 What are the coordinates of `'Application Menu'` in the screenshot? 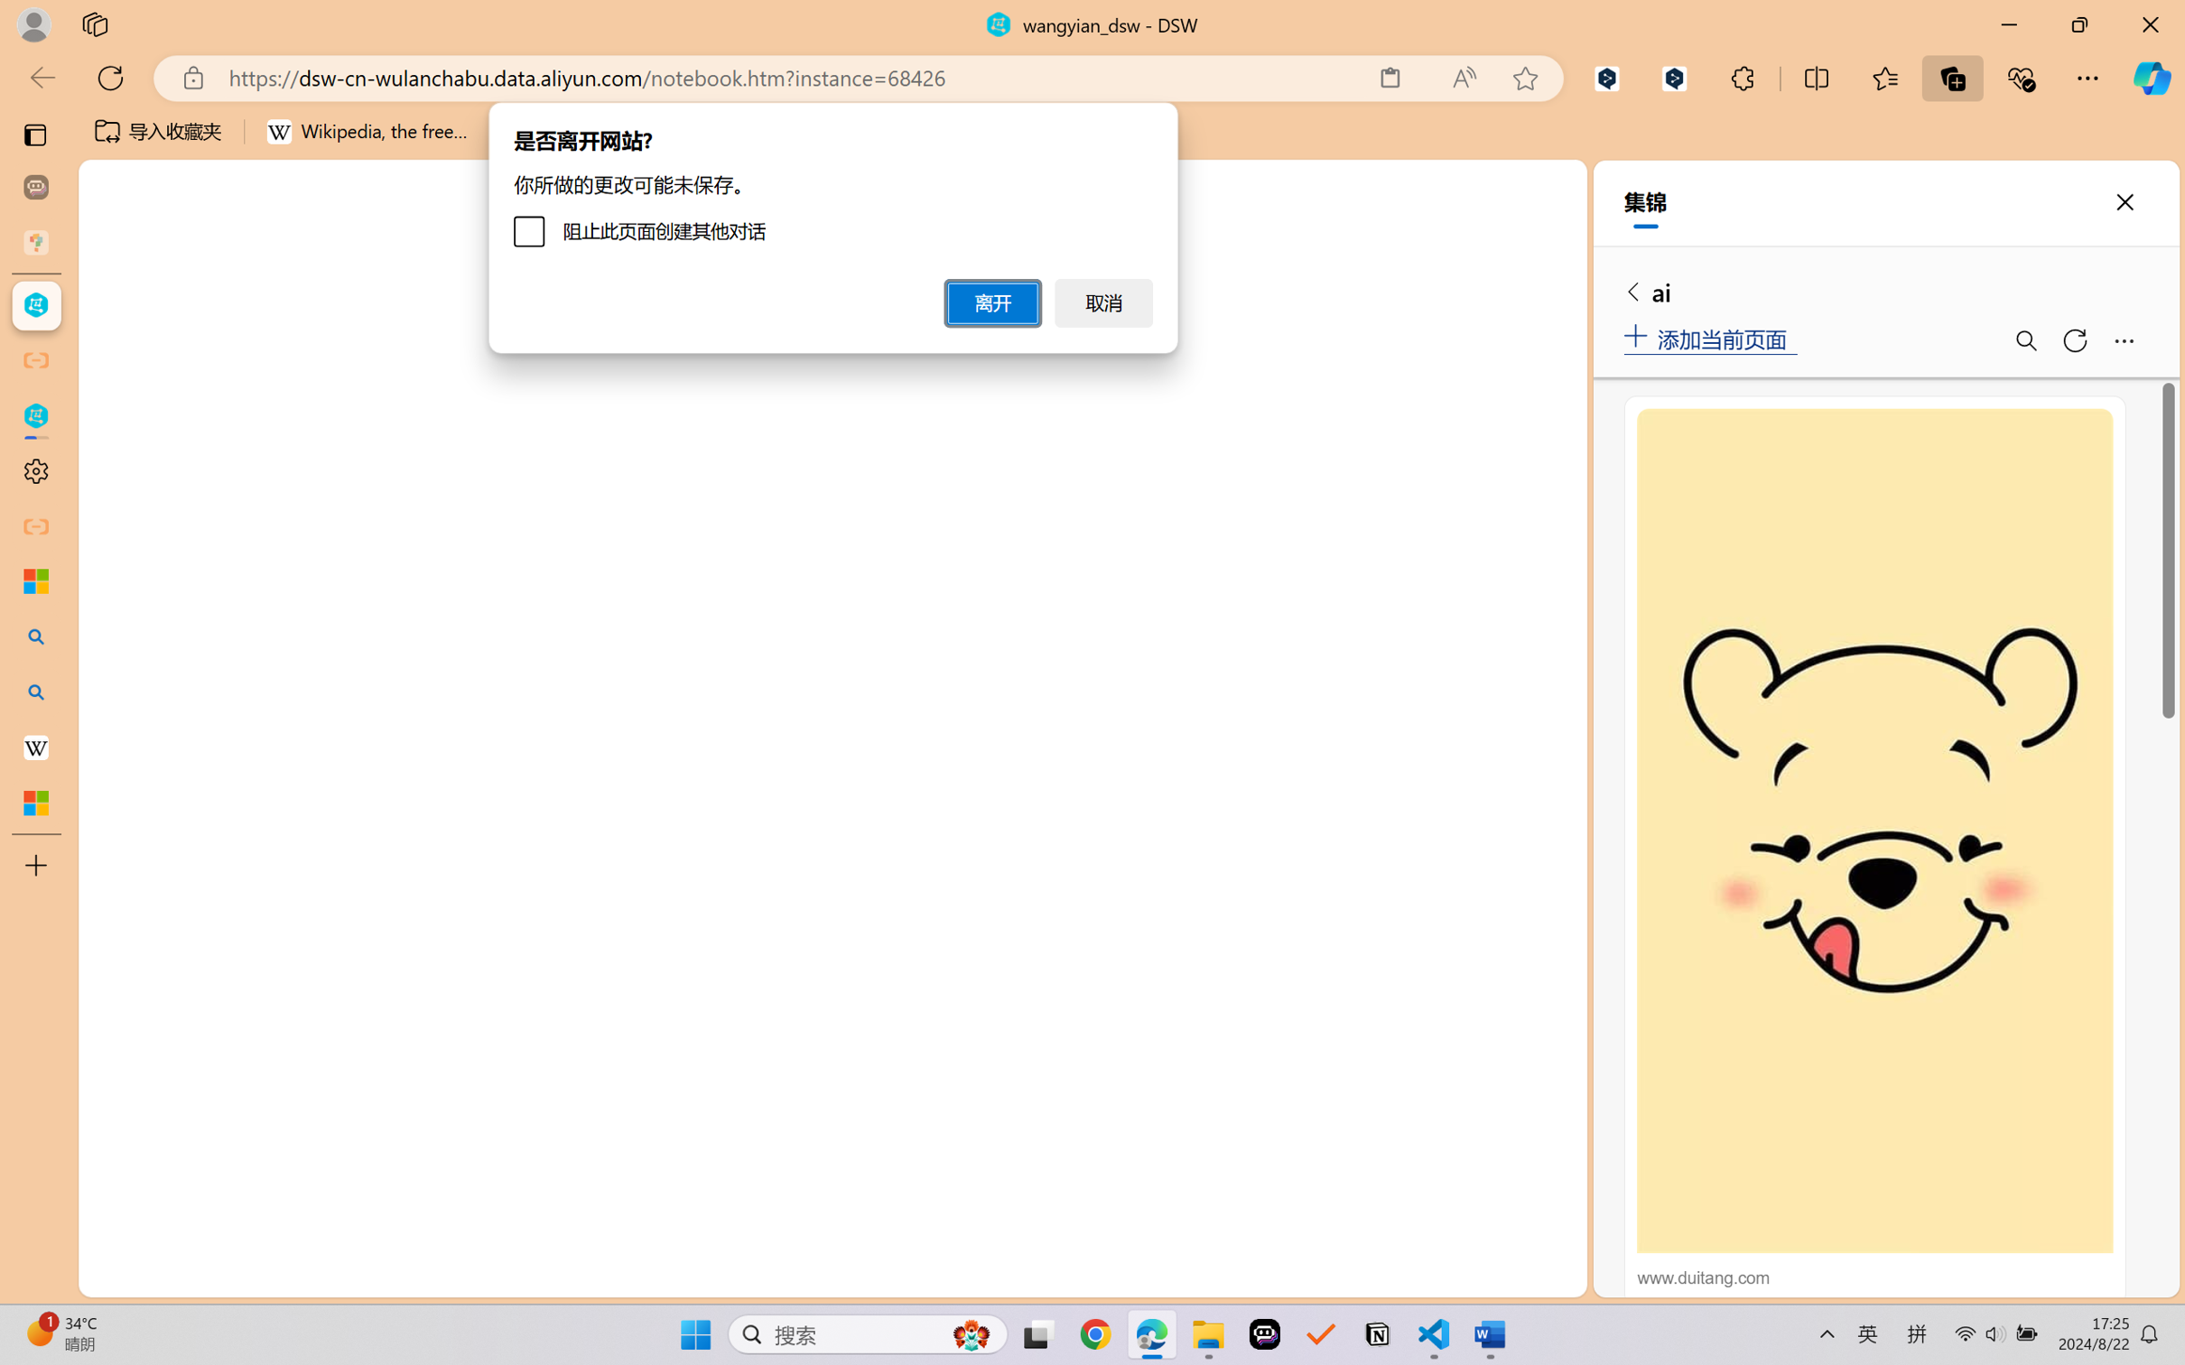 It's located at (115, 304).